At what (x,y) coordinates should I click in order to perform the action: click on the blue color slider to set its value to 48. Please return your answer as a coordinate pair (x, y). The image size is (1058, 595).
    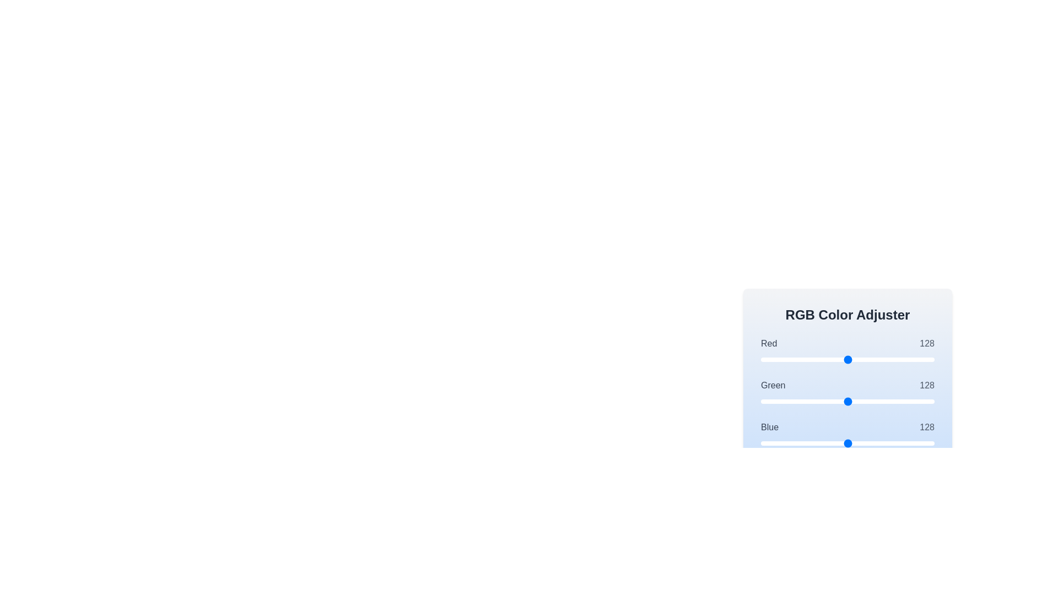
    Looking at the image, I should click on (793, 443).